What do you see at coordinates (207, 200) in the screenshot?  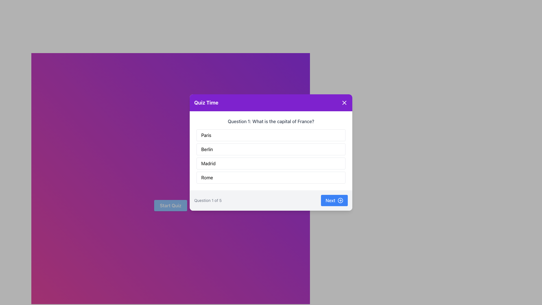 I see `text label displaying 'Question 1 of 5', which is located at the bottom-left corner of the dialog box` at bounding box center [207, 200].